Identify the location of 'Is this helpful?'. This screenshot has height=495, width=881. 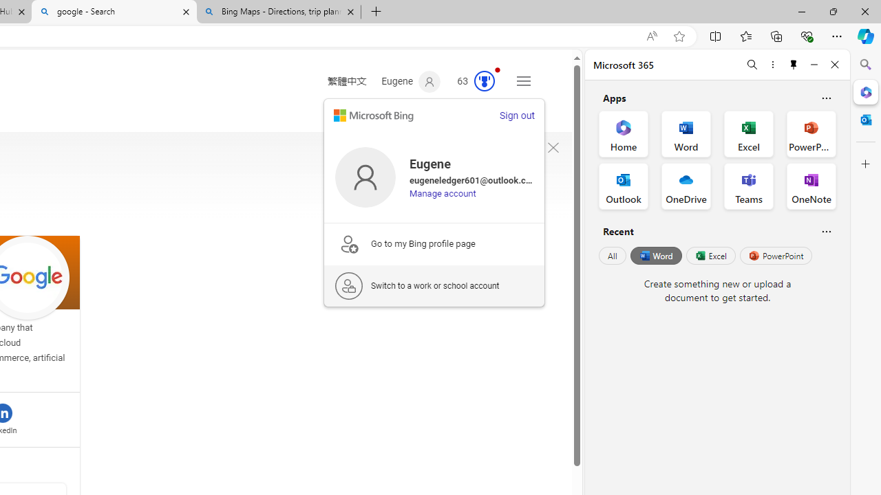
(826, 230).